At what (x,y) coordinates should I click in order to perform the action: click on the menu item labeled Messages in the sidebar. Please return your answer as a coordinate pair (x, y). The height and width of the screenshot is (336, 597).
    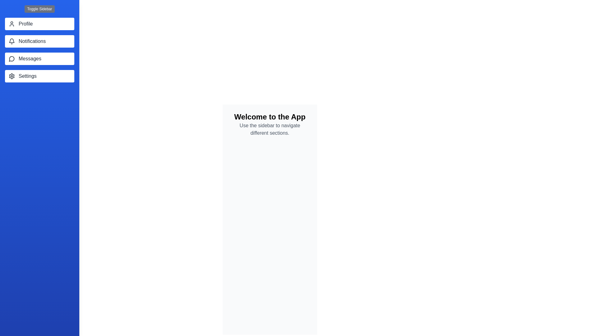
    Looking at the image, I should click on (39, 59).